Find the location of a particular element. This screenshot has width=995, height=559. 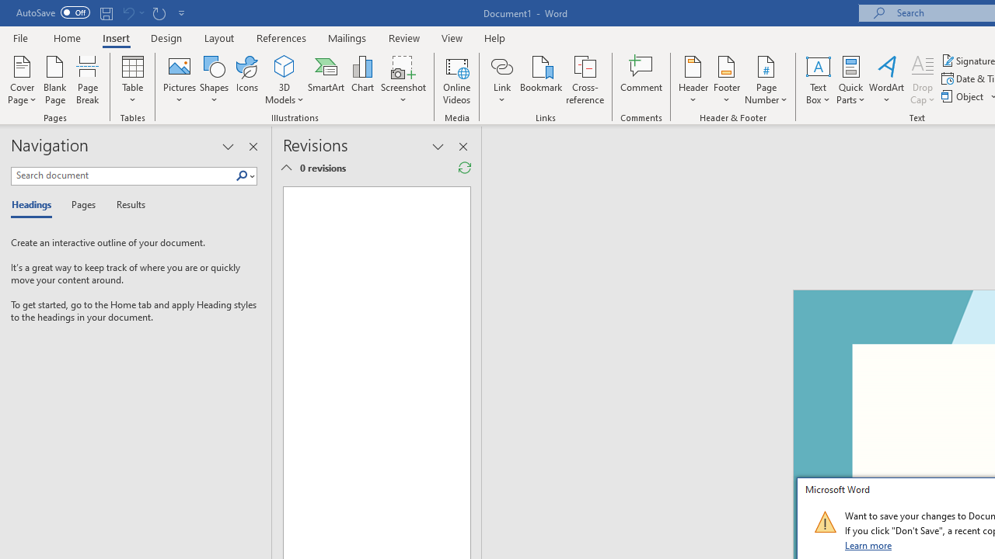

'Object...' is located at coordinates (963, 96).